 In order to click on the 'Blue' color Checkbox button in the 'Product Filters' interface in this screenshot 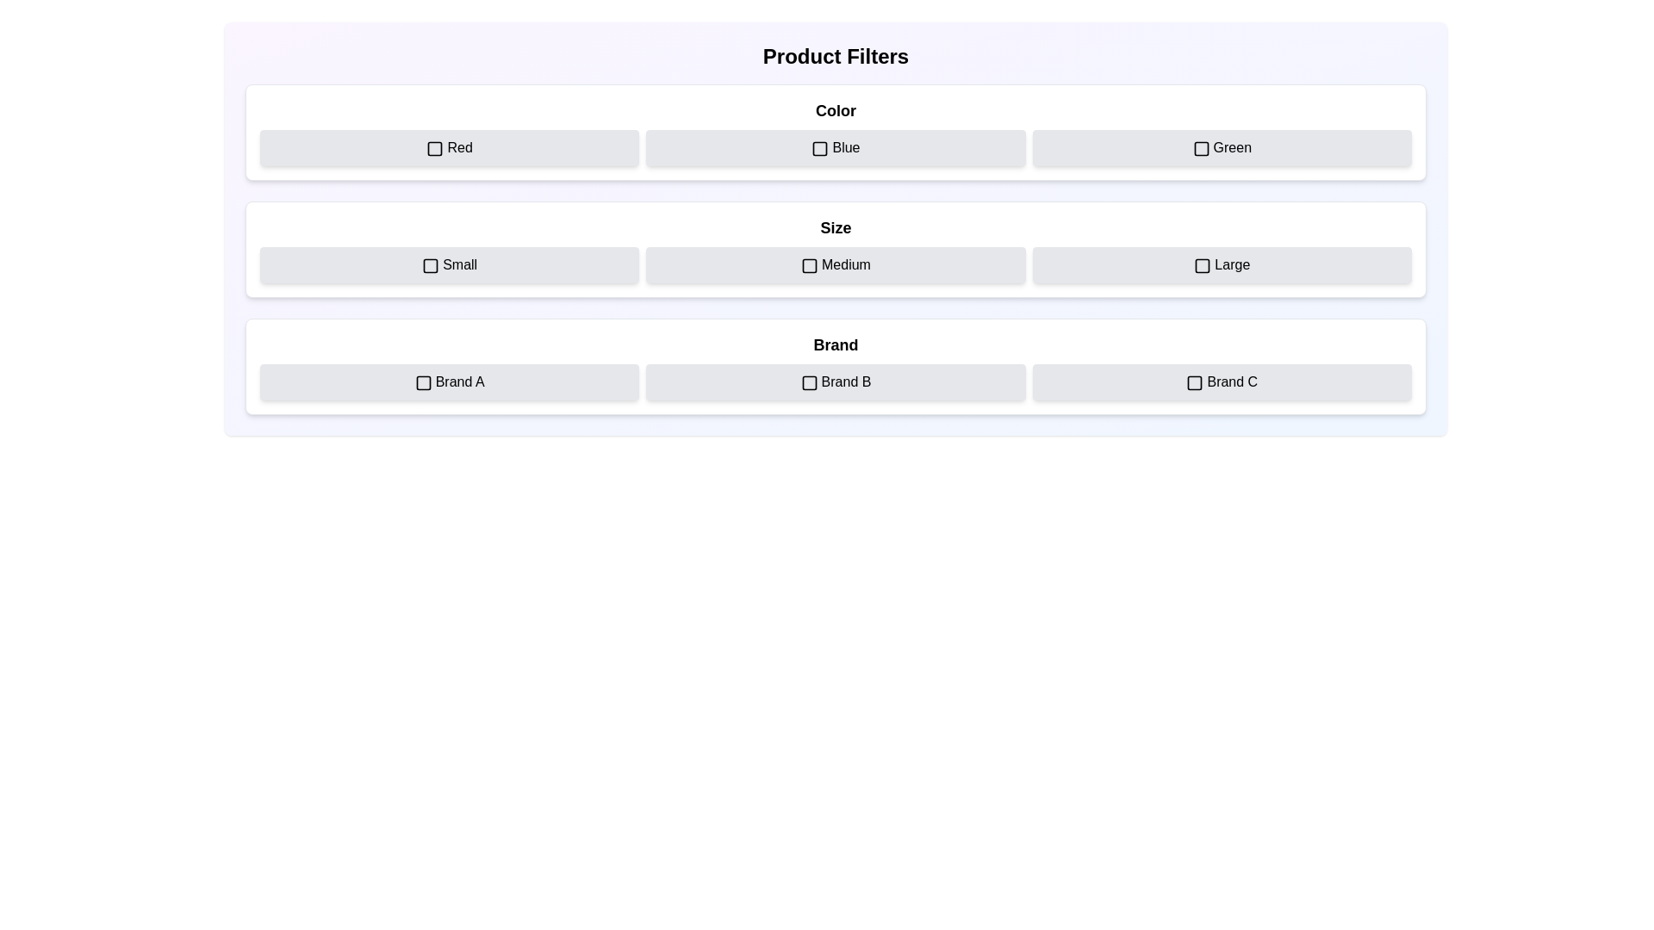, I will do `click(836, 147)`.